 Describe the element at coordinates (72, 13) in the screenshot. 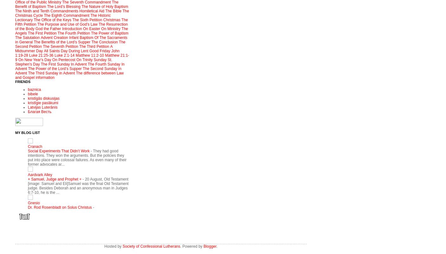

I see `'The Christmas Cycle'` at that location.